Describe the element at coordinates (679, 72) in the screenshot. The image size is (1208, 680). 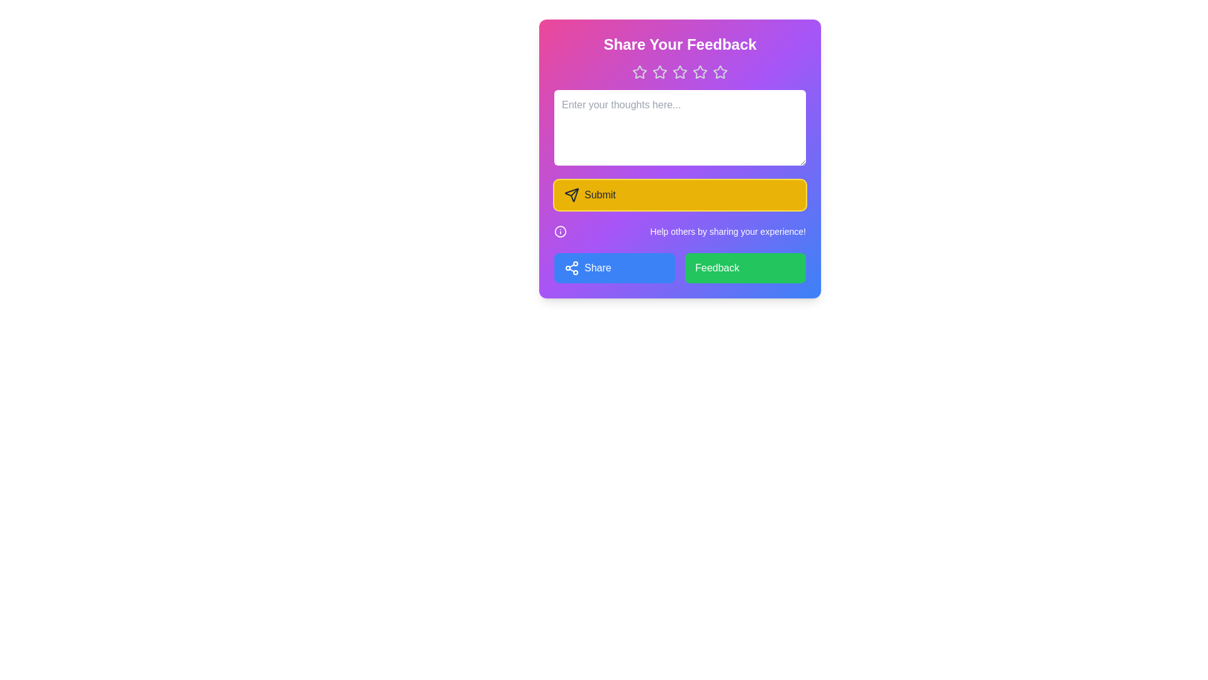
I see `the third star icon in the rating system to trigger the scaling effect` at that location.